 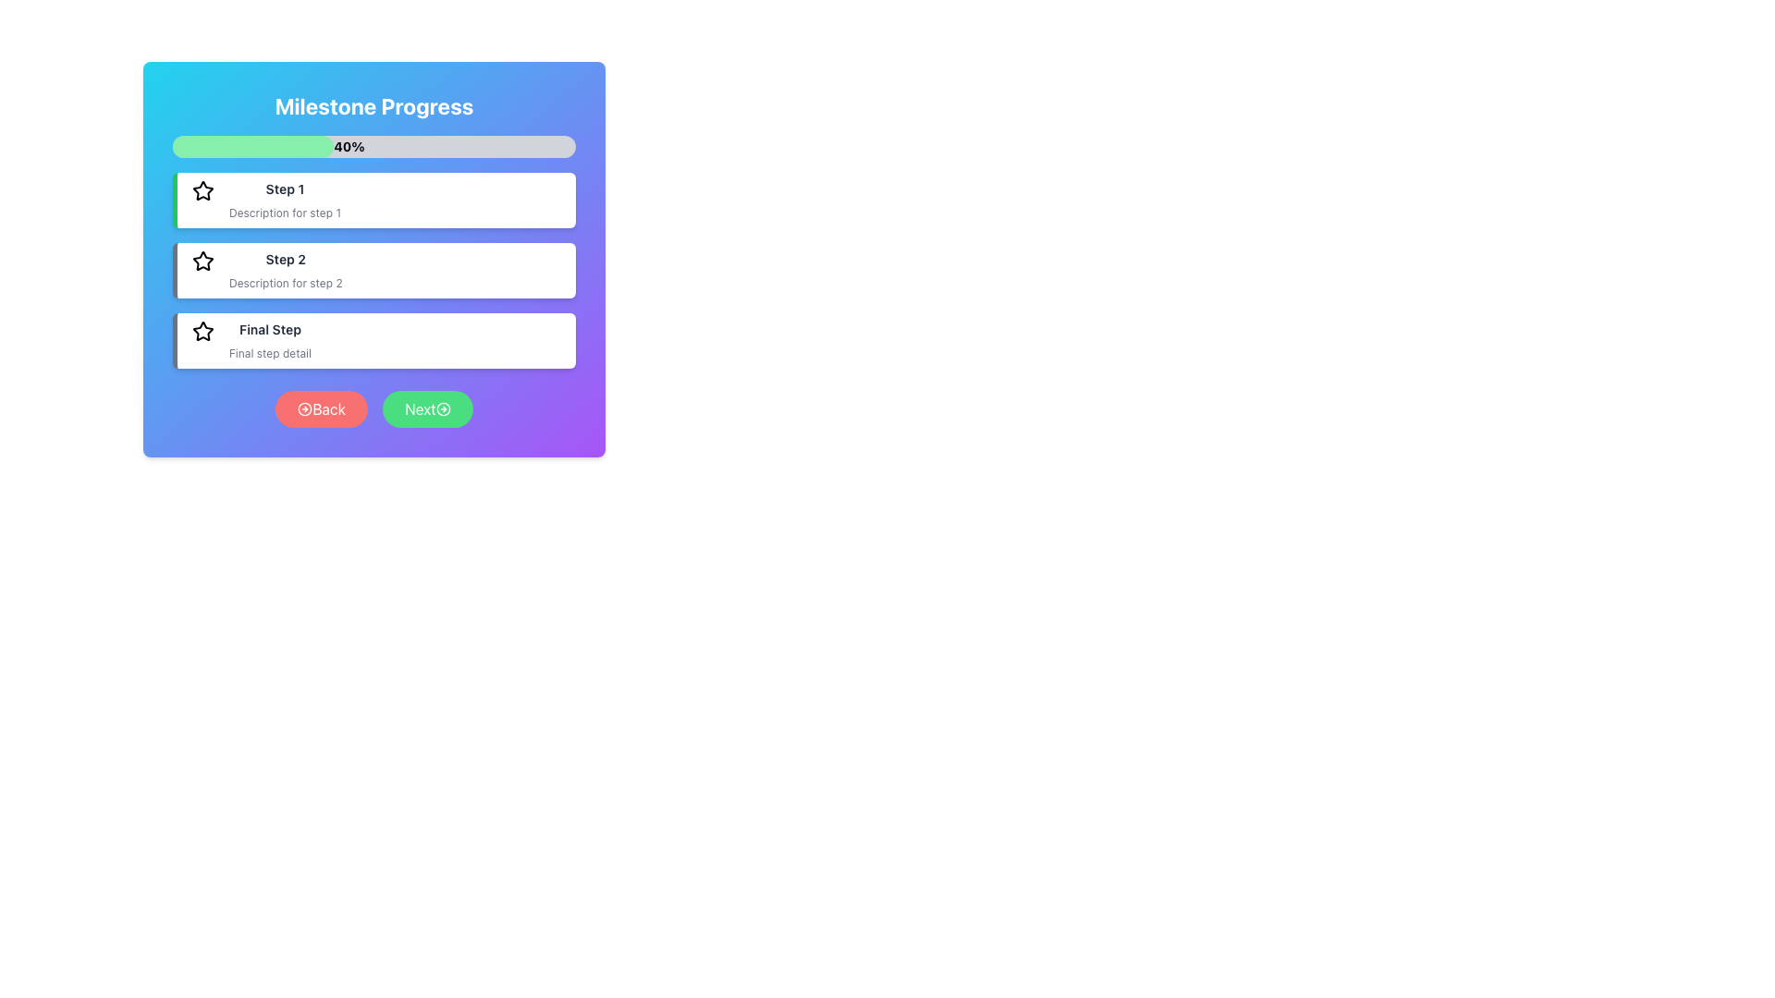 What do you see at coordinates (284, 200) in the screenshot?
I see `the informational text block labeled 'Step 1' which is a vertical stack of text elements, displaying a bold title and a smaller gray description, located below the 'Milestone Progress' progress bar` at bounding box center [284, 200].